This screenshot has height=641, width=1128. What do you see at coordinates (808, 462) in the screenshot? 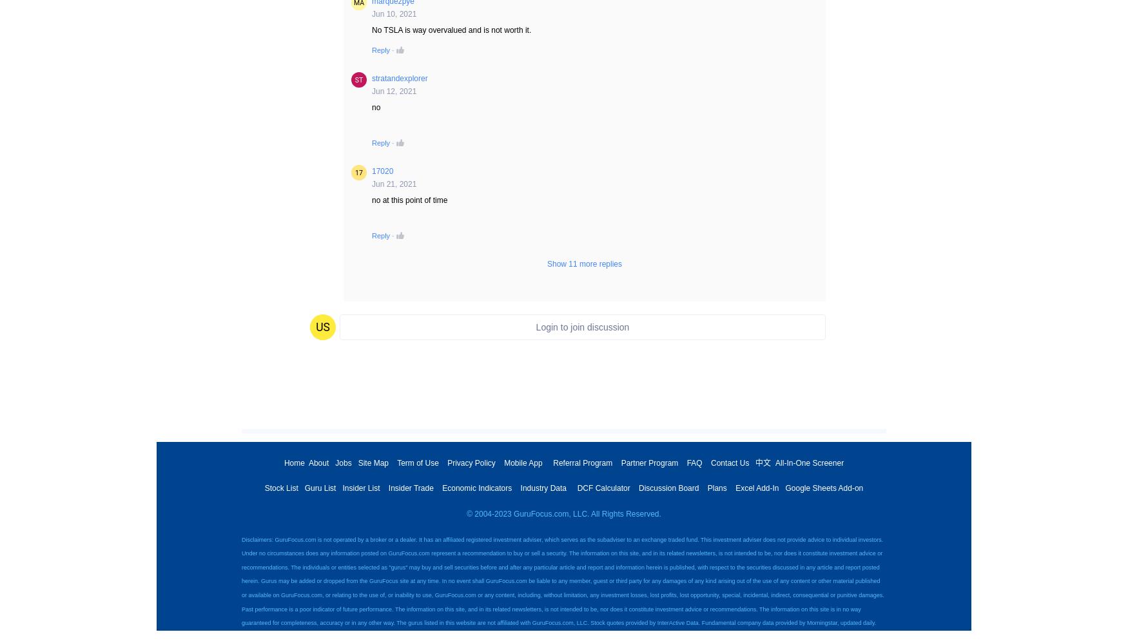
I see `'All-In-One Screener'` at bounding box center [808, 462].